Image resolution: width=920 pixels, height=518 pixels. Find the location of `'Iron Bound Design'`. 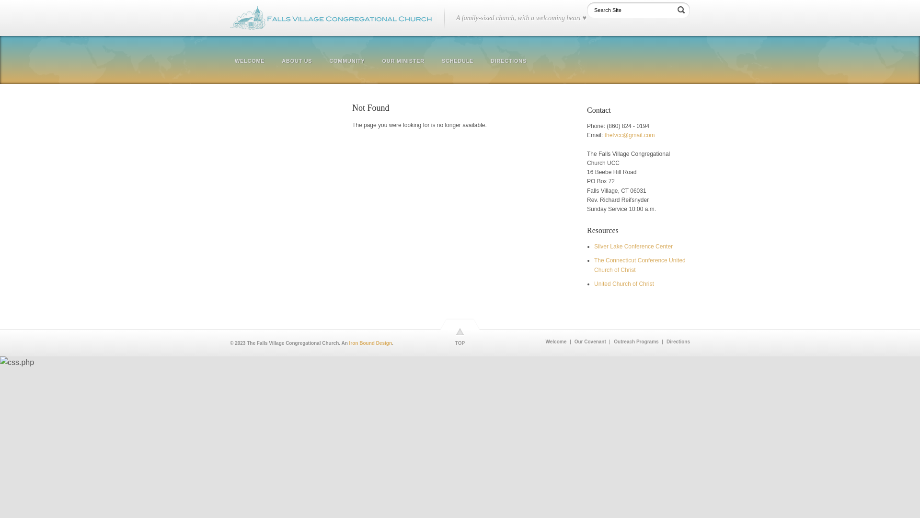

'Iron Bound Design' is located at coordinates (370, 342).